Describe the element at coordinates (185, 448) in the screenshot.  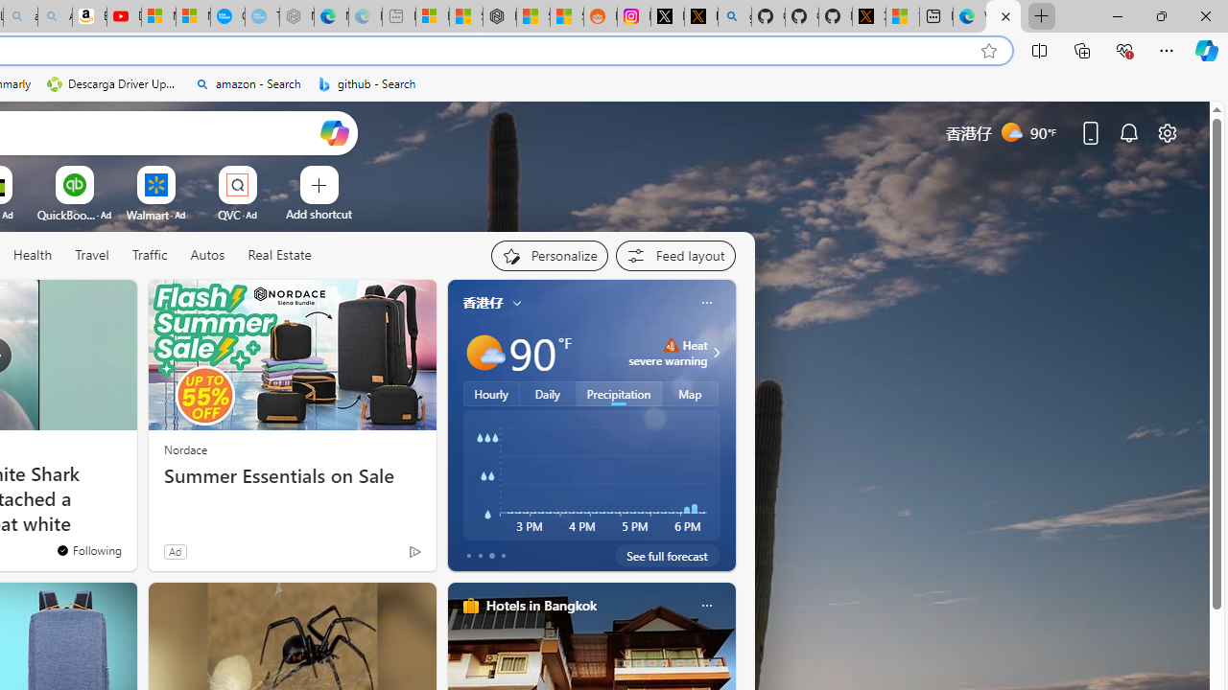
I see `'Nordace'` at that location.